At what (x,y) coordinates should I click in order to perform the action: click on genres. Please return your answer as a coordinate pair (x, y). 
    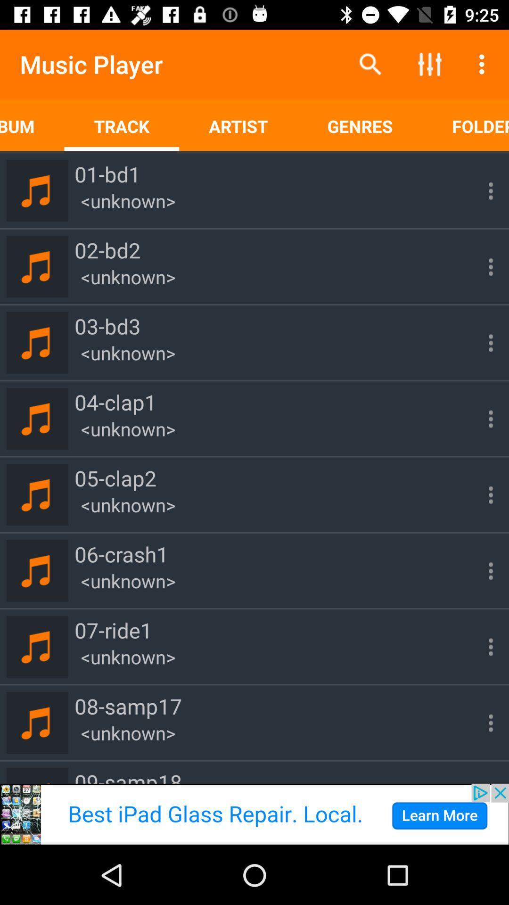
    Looking at the image, I should click on (360, 126).